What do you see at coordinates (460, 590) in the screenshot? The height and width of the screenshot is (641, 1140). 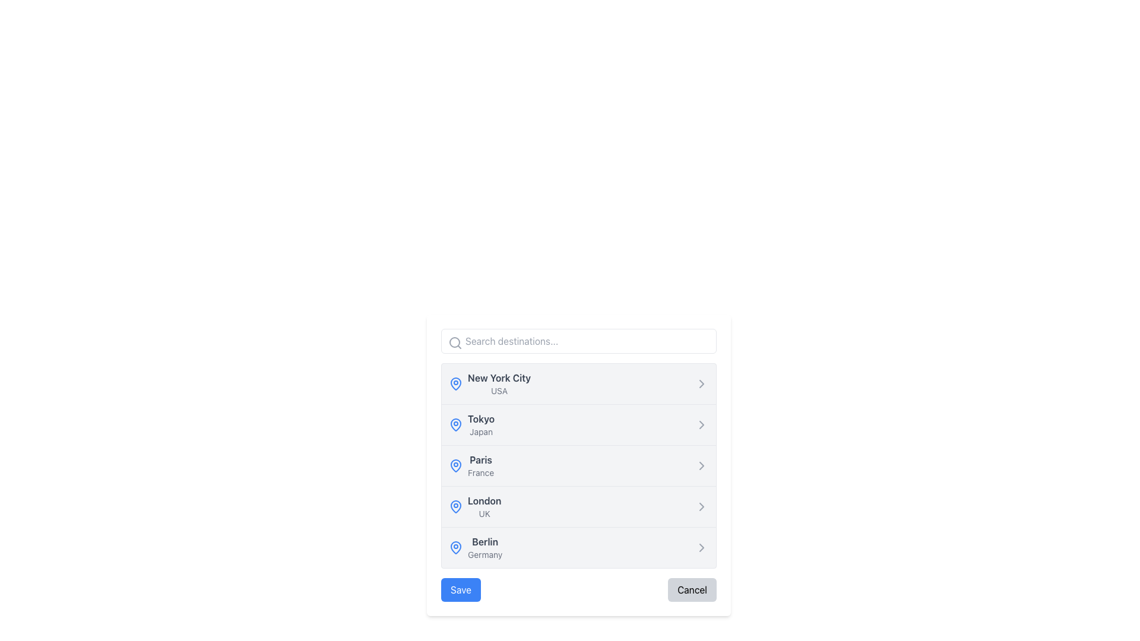 I see `the confirm button, which is the leftmost button in a pair at the bottom of the layout` at bounding box center [460, 590].